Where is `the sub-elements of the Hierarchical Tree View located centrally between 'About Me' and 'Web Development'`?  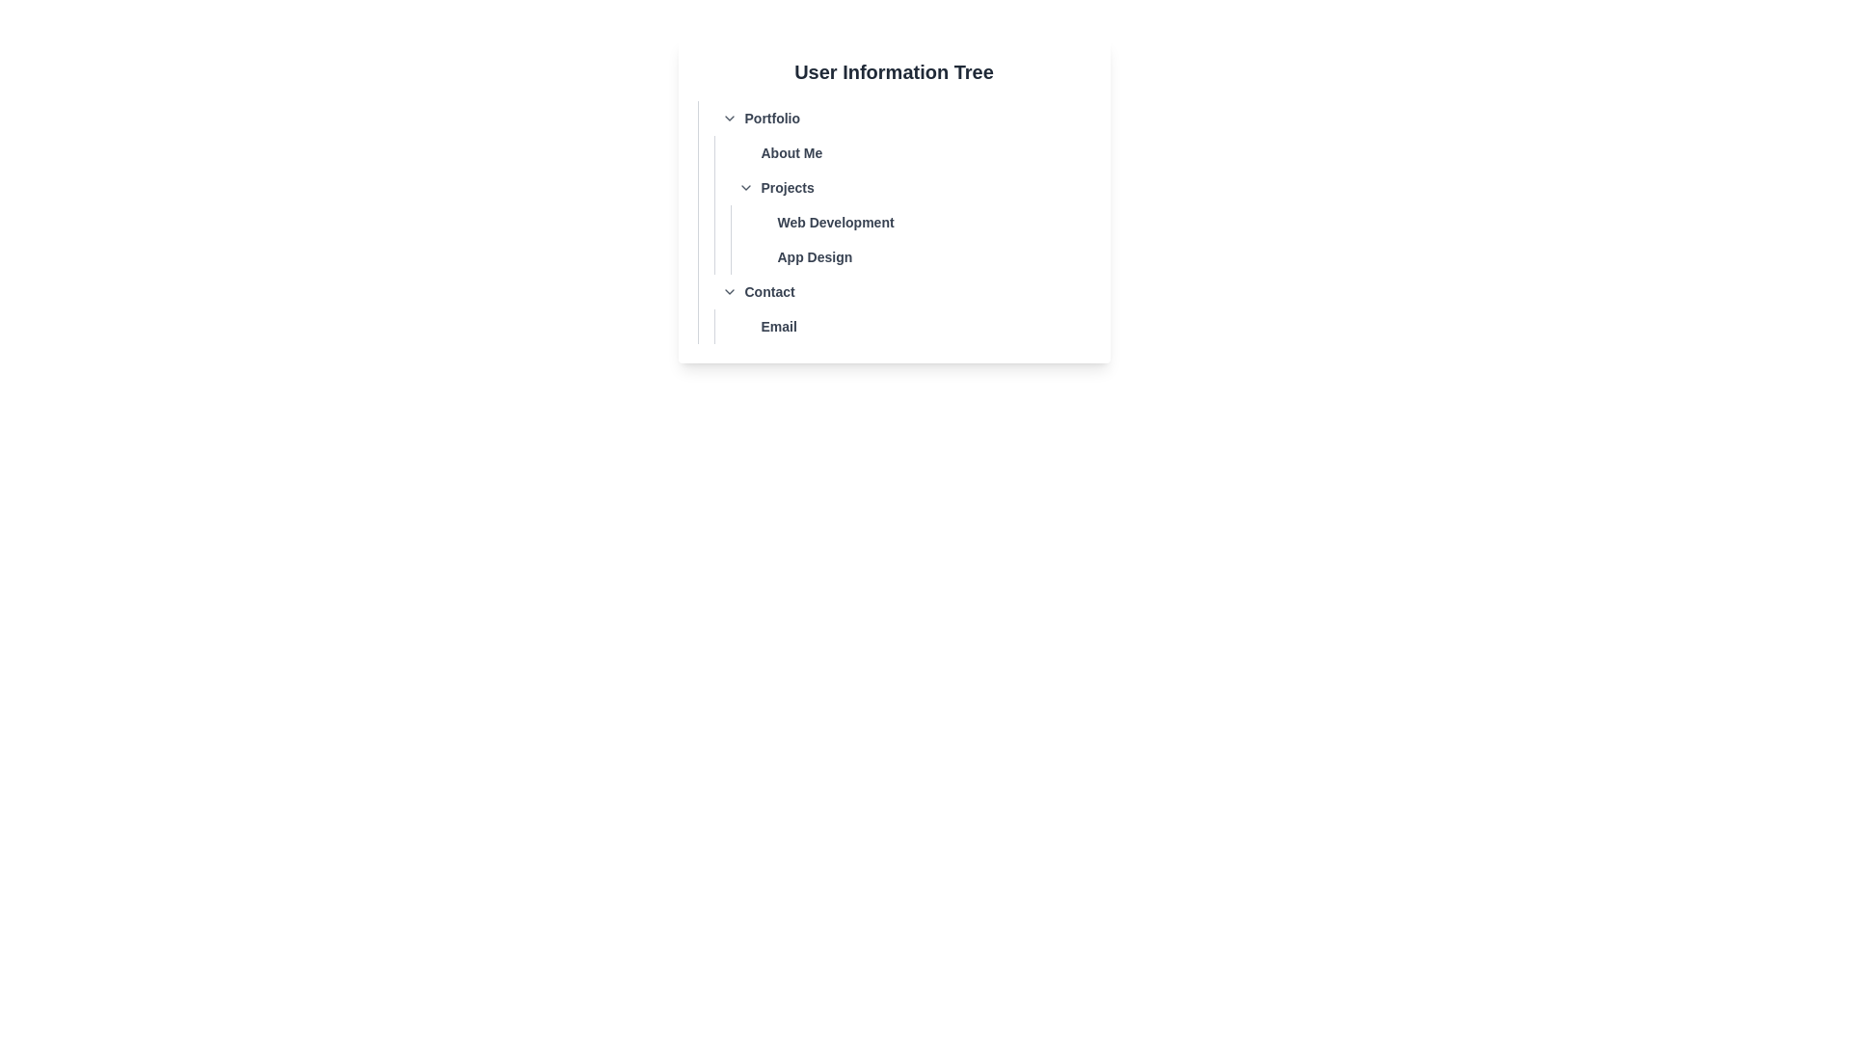 the sub-elements of the Hierarchical Tree View located centrally between 'About Me' and 'Web Development' is located at coordinates (893, 200).